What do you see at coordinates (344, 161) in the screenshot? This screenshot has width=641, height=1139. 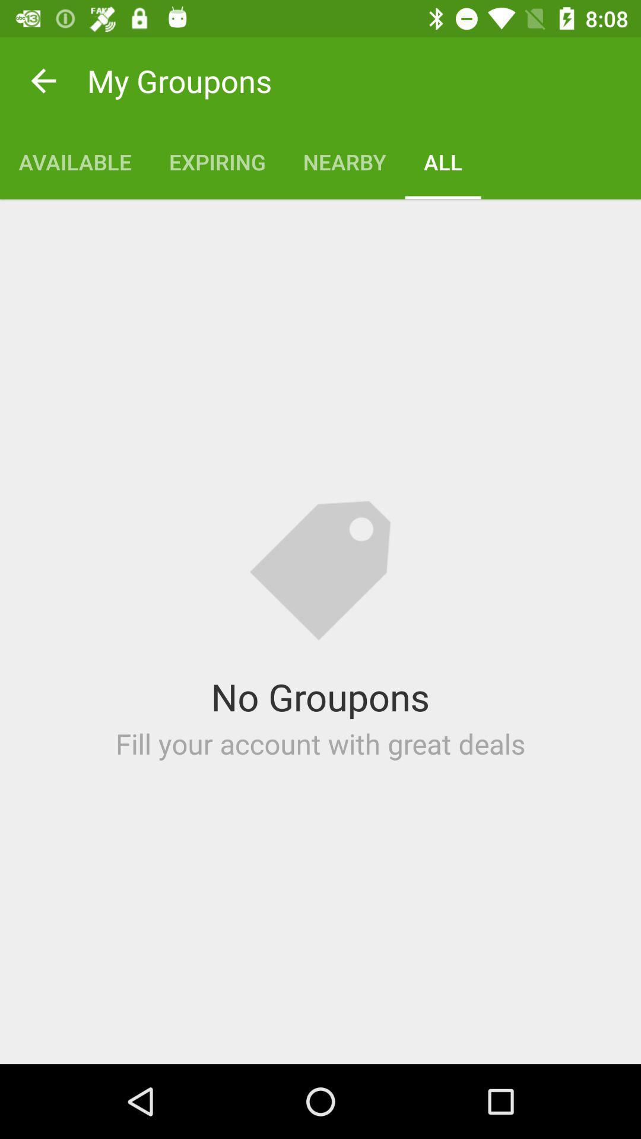 I see `icon below the my groupons icon` at bounding box center [344, 161].